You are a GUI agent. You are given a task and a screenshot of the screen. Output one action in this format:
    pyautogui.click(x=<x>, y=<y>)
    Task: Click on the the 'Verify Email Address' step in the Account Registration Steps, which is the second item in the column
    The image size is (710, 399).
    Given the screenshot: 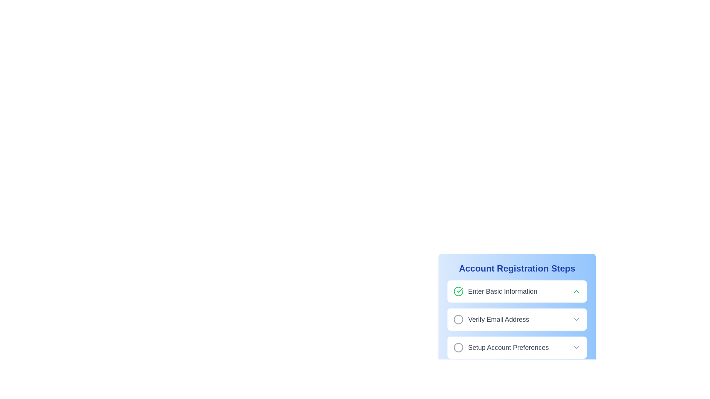 What is the action you would take?
    pyautogui.click(x=491, y=319)
    